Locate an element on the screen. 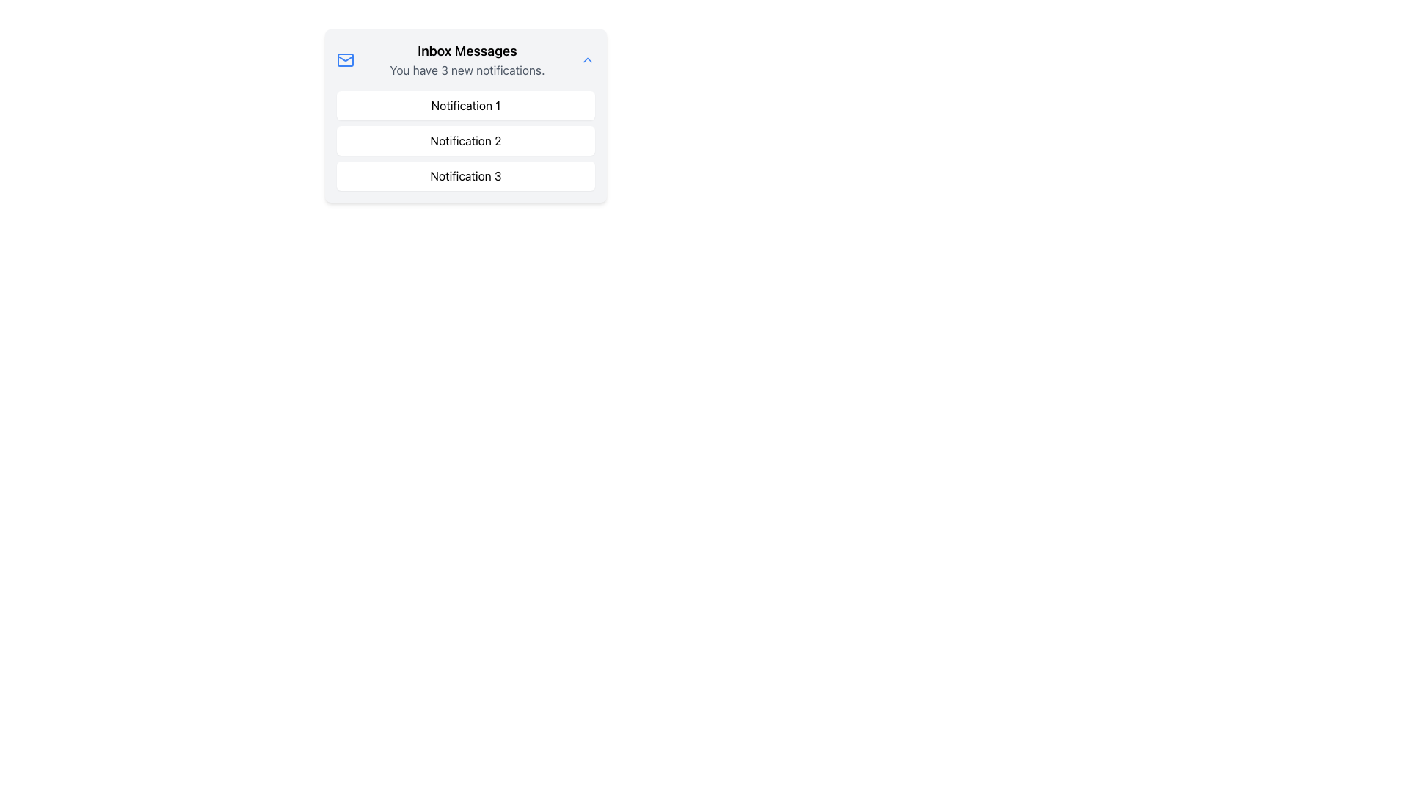  the first notification item labeled 'Notification 1' in the Inbox Messages panel is located at coordinates (465, 104).